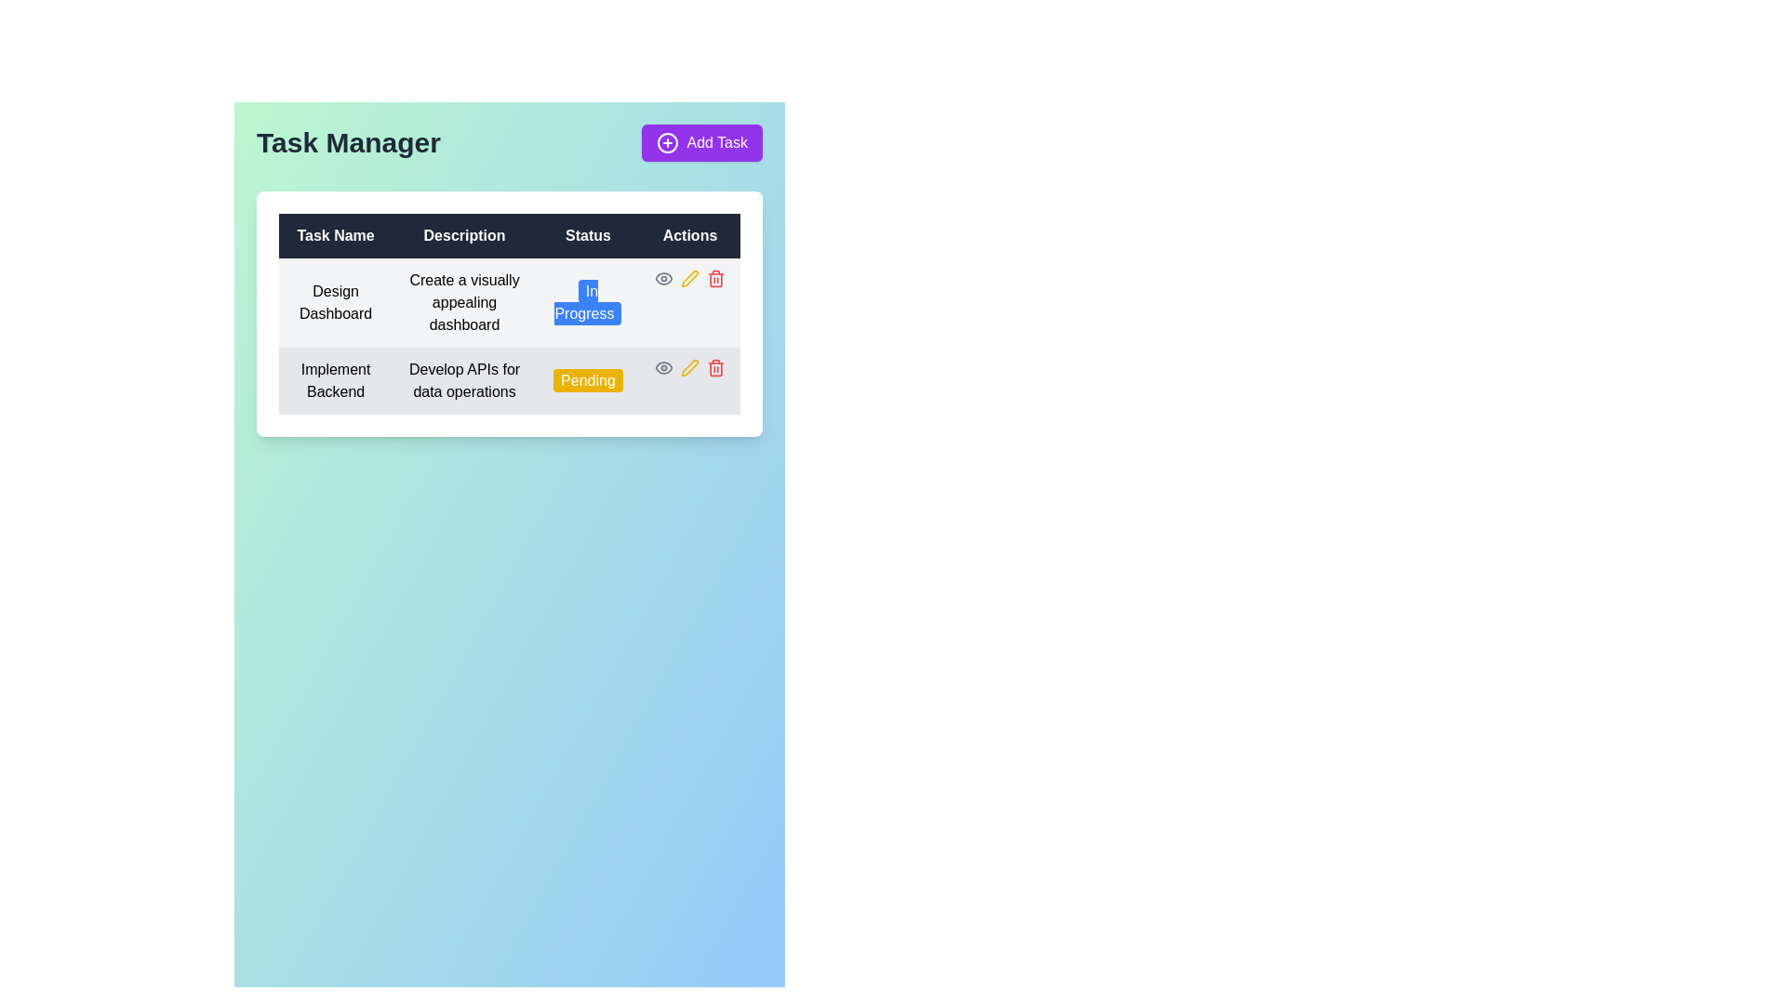 The image size is (1786, 1004). What do you see at coordinates (587, 301) in the screenshot?
I see `text content of the Badge or Status Label indicating the current status of the 'Design Dashboard' task, which is located in the first row of the 'Status' column in the task table` at bounding box center [587, 301].